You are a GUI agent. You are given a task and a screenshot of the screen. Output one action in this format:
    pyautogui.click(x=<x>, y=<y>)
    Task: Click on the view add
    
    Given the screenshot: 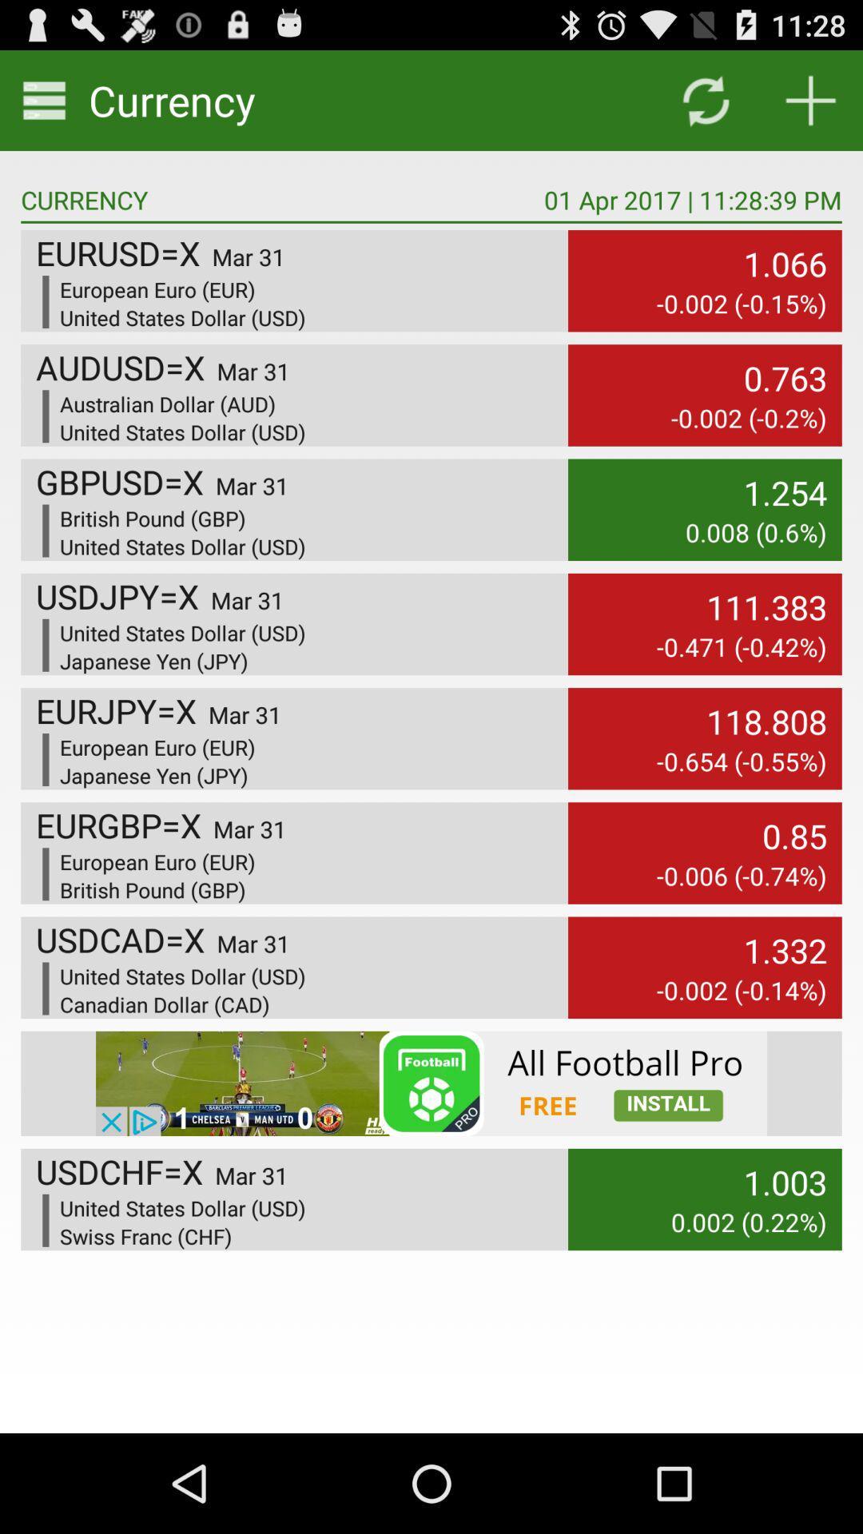 What is the action you would take?
    pyautogui.click(x=431, y=1083)
    